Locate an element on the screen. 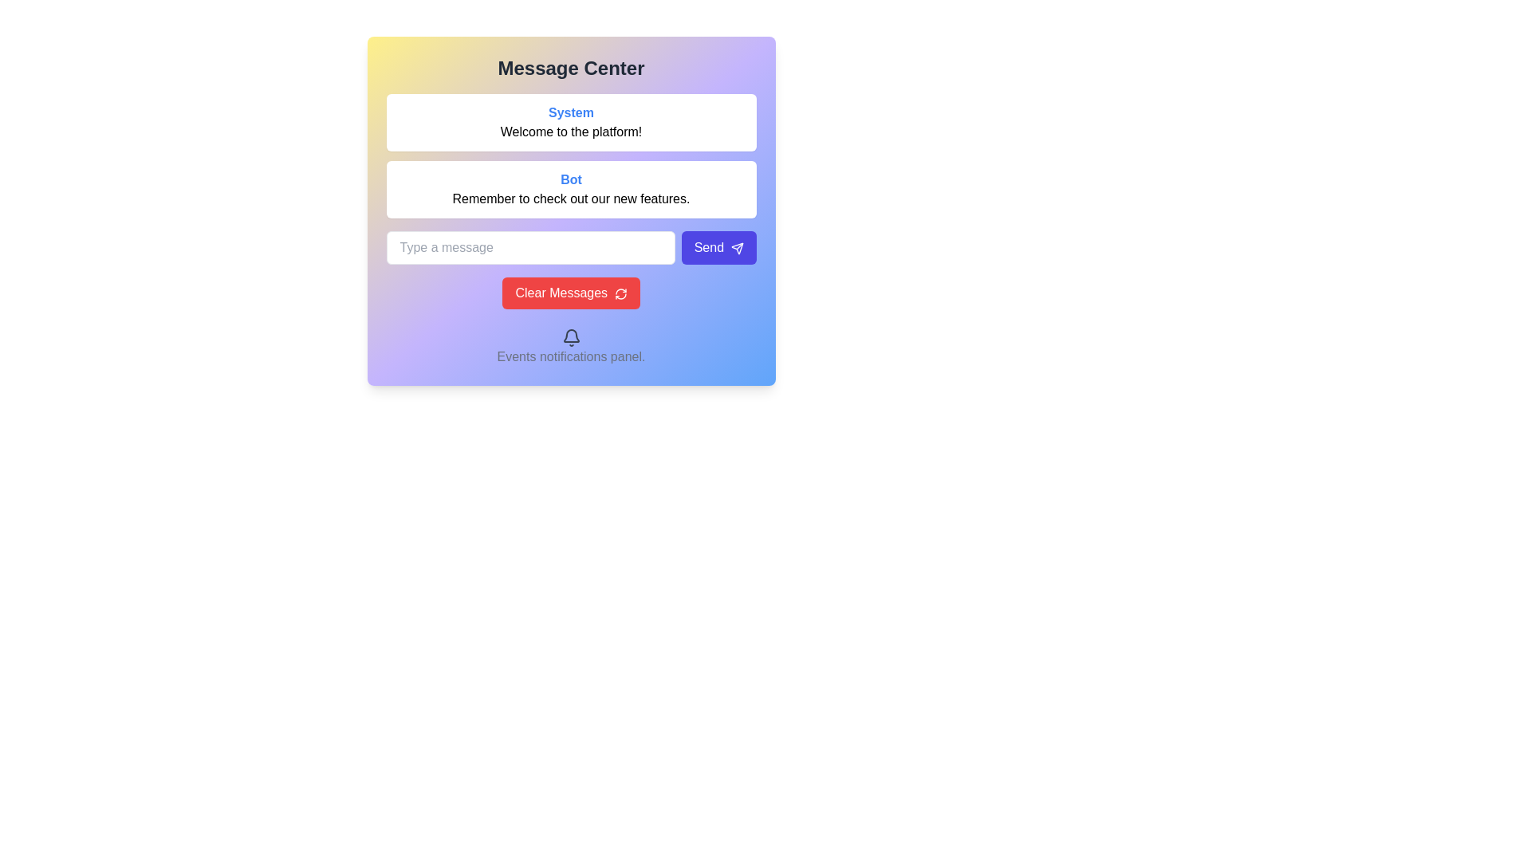  the text label indicating a bot-generated message within the white box in the Message Center is located at coordinates (571, 179).